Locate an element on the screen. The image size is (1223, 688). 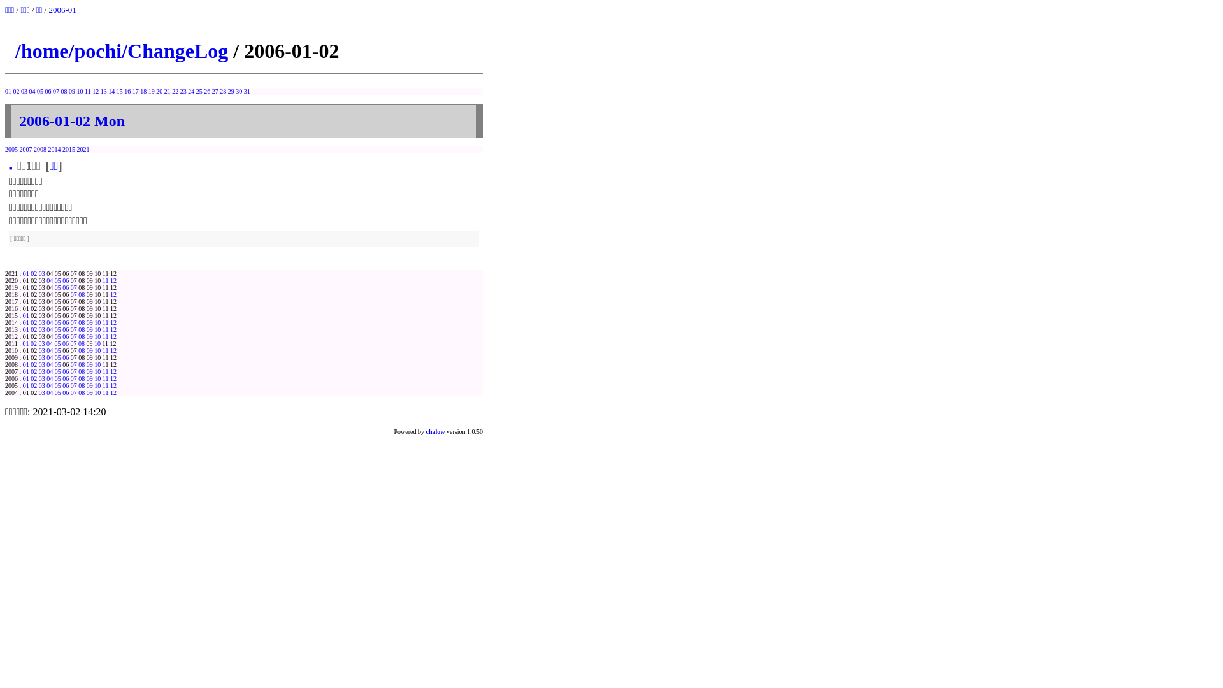
'11' is located at coordinates (106, 280).